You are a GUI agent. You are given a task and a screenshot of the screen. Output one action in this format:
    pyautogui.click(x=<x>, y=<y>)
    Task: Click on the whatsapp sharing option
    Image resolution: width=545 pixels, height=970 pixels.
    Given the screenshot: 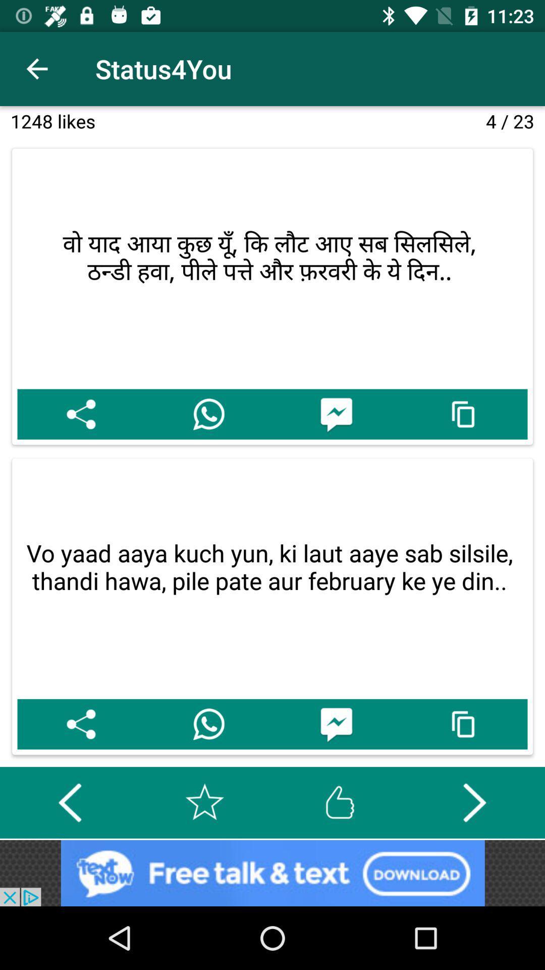 What is the action you would take?
    pyautogui.click(x=208, y=414)
    